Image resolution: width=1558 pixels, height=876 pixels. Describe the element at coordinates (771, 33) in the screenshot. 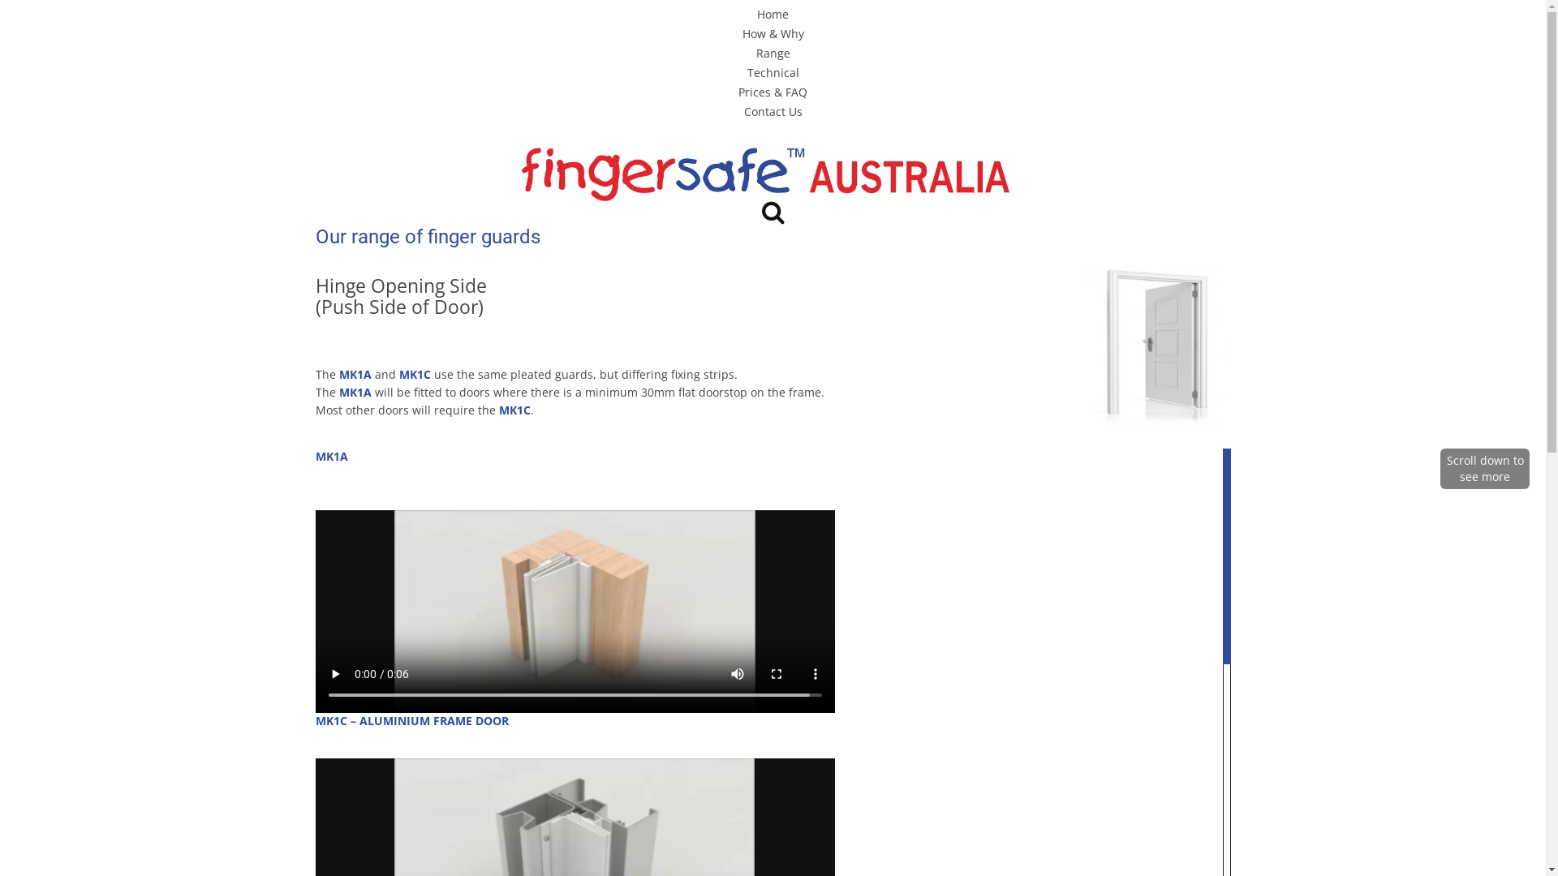

I see `'How & Why'` at that location.